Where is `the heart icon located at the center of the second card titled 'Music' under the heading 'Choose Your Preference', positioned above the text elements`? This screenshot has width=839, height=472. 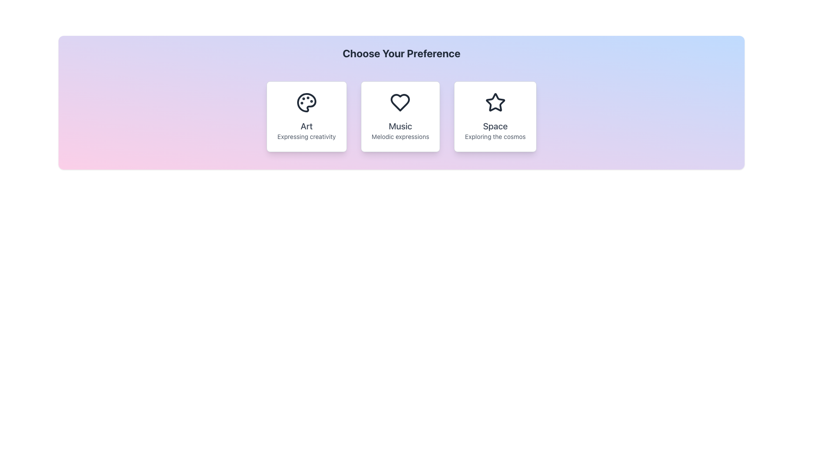
the heart icon located at the center of the second card titled 'Music' under the heading 'Choose Your Preference', positioned above the text elements is located at coordinates (400, 102).